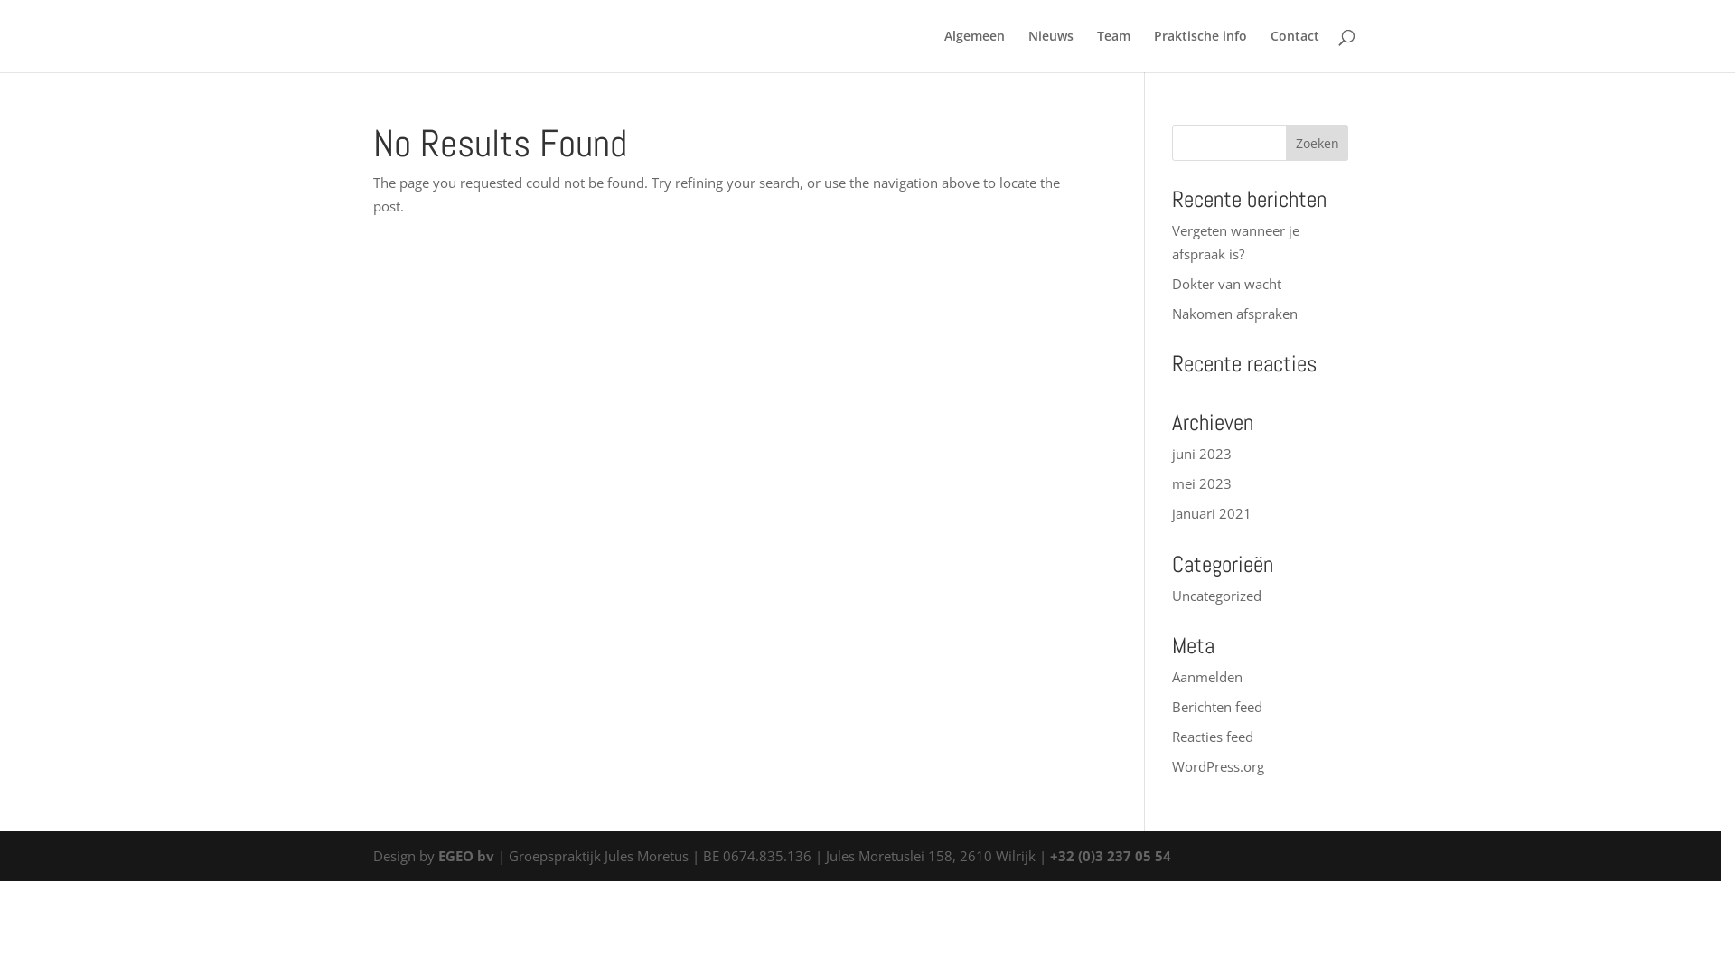 Image resolution: width=1735 pixels, height=976 pixels. Describe the element at coordinates (1213, 736) in the screenshot. I see `'Reacties feed'` at that location.